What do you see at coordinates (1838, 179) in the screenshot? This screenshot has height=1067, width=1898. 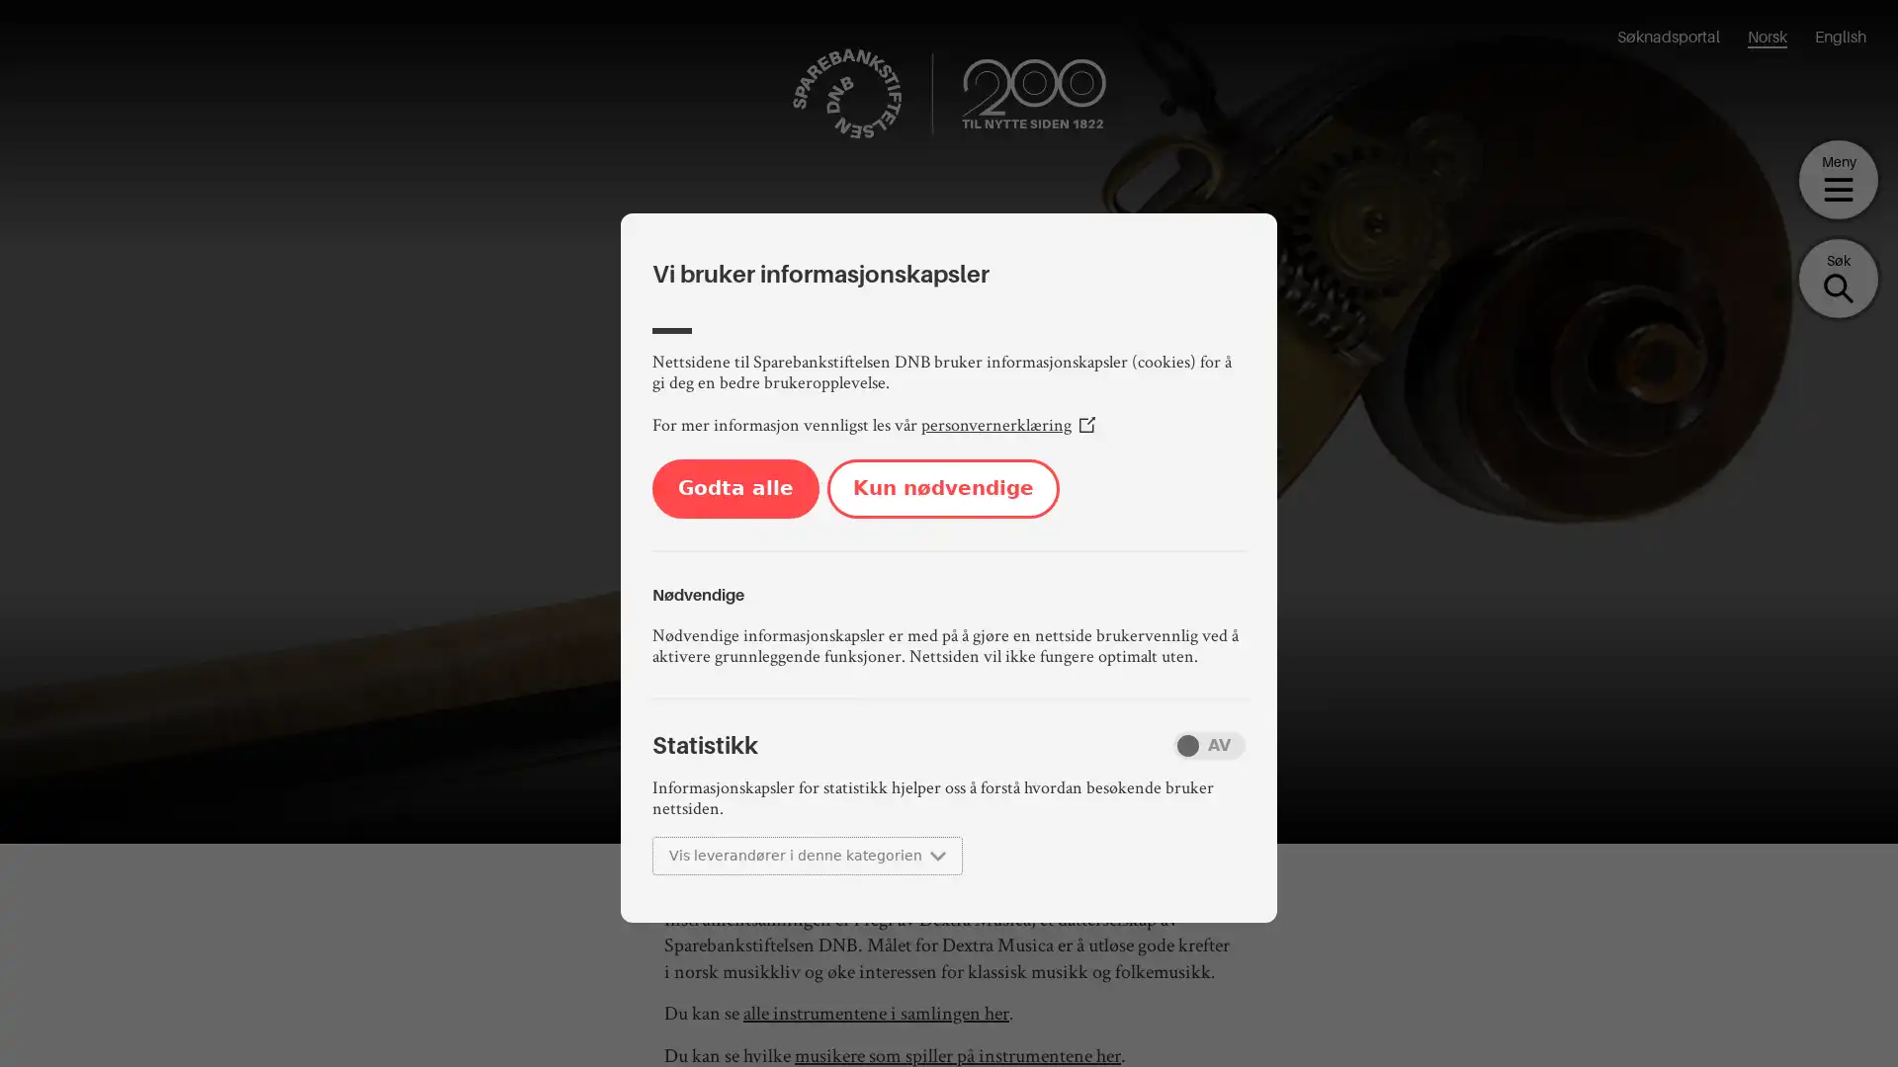 I see `Meny Meny` at bounding box center [1838, 179].